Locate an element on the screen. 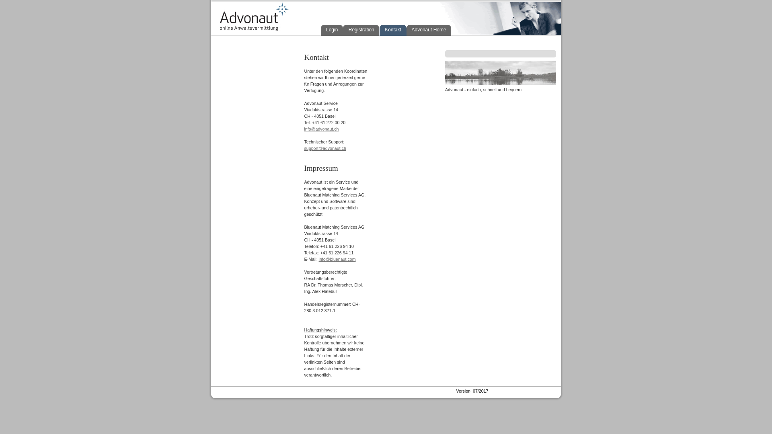 The image size is (772, 434). '    Advonaut Home  ' is located at coordinates (428, 30).